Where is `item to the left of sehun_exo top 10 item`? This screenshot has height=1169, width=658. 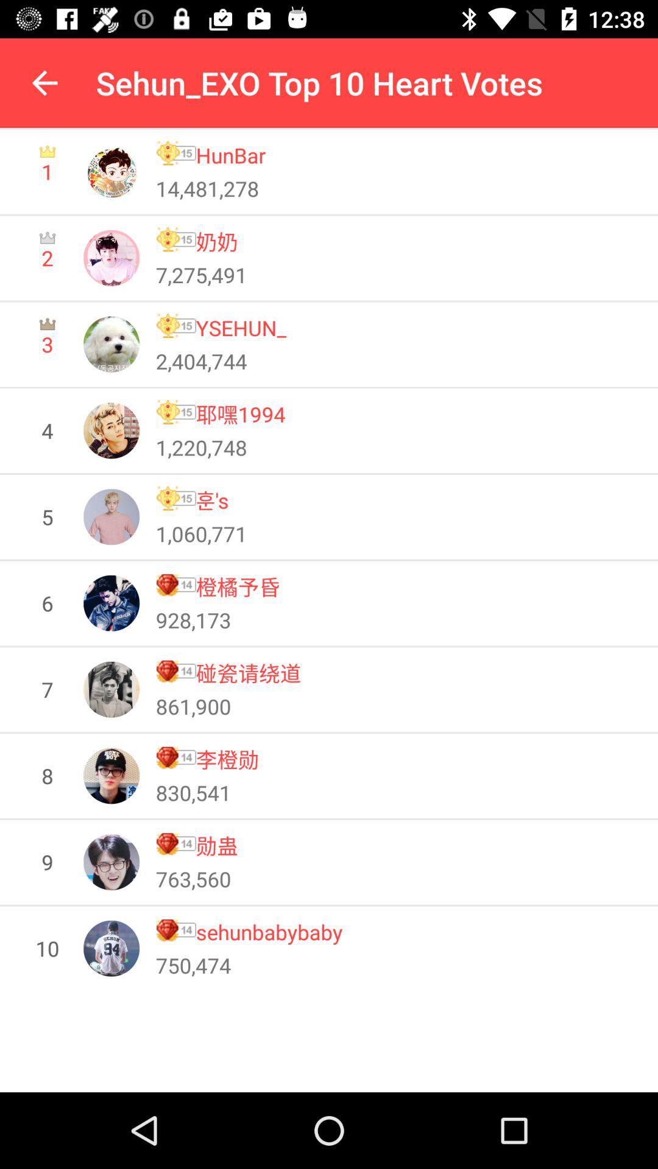
item to the left of sehun_exo top 10 item is located at coordinates (44, 82).